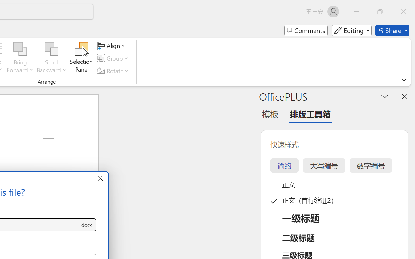 This screenshot has height=259, width=415. I want to click on 'Send Backward', so click(51, 49).